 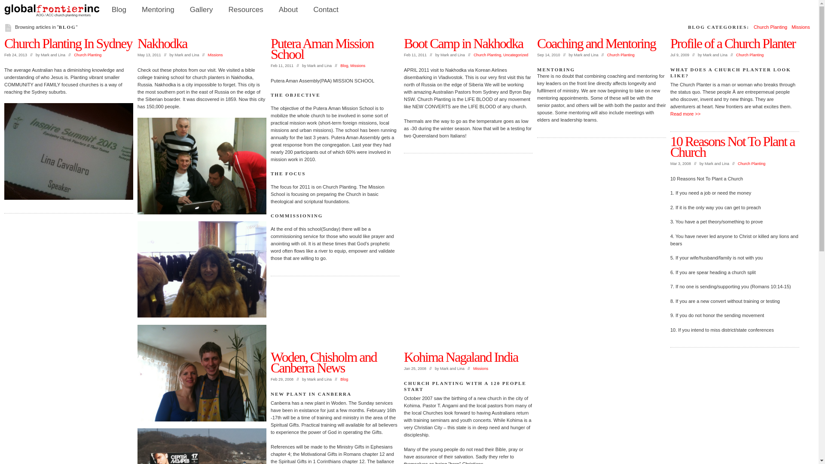 What do you see at coordinates (119, 9) in the screenshot?
I see `'Blog'` at bounding box center [119, 9].